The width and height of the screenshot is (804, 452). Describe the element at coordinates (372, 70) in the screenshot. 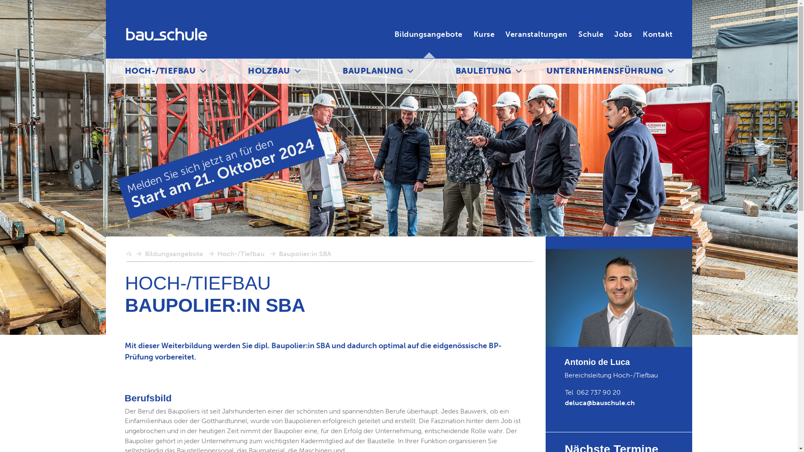

I see `'BAUPLANUNG'` at that location.